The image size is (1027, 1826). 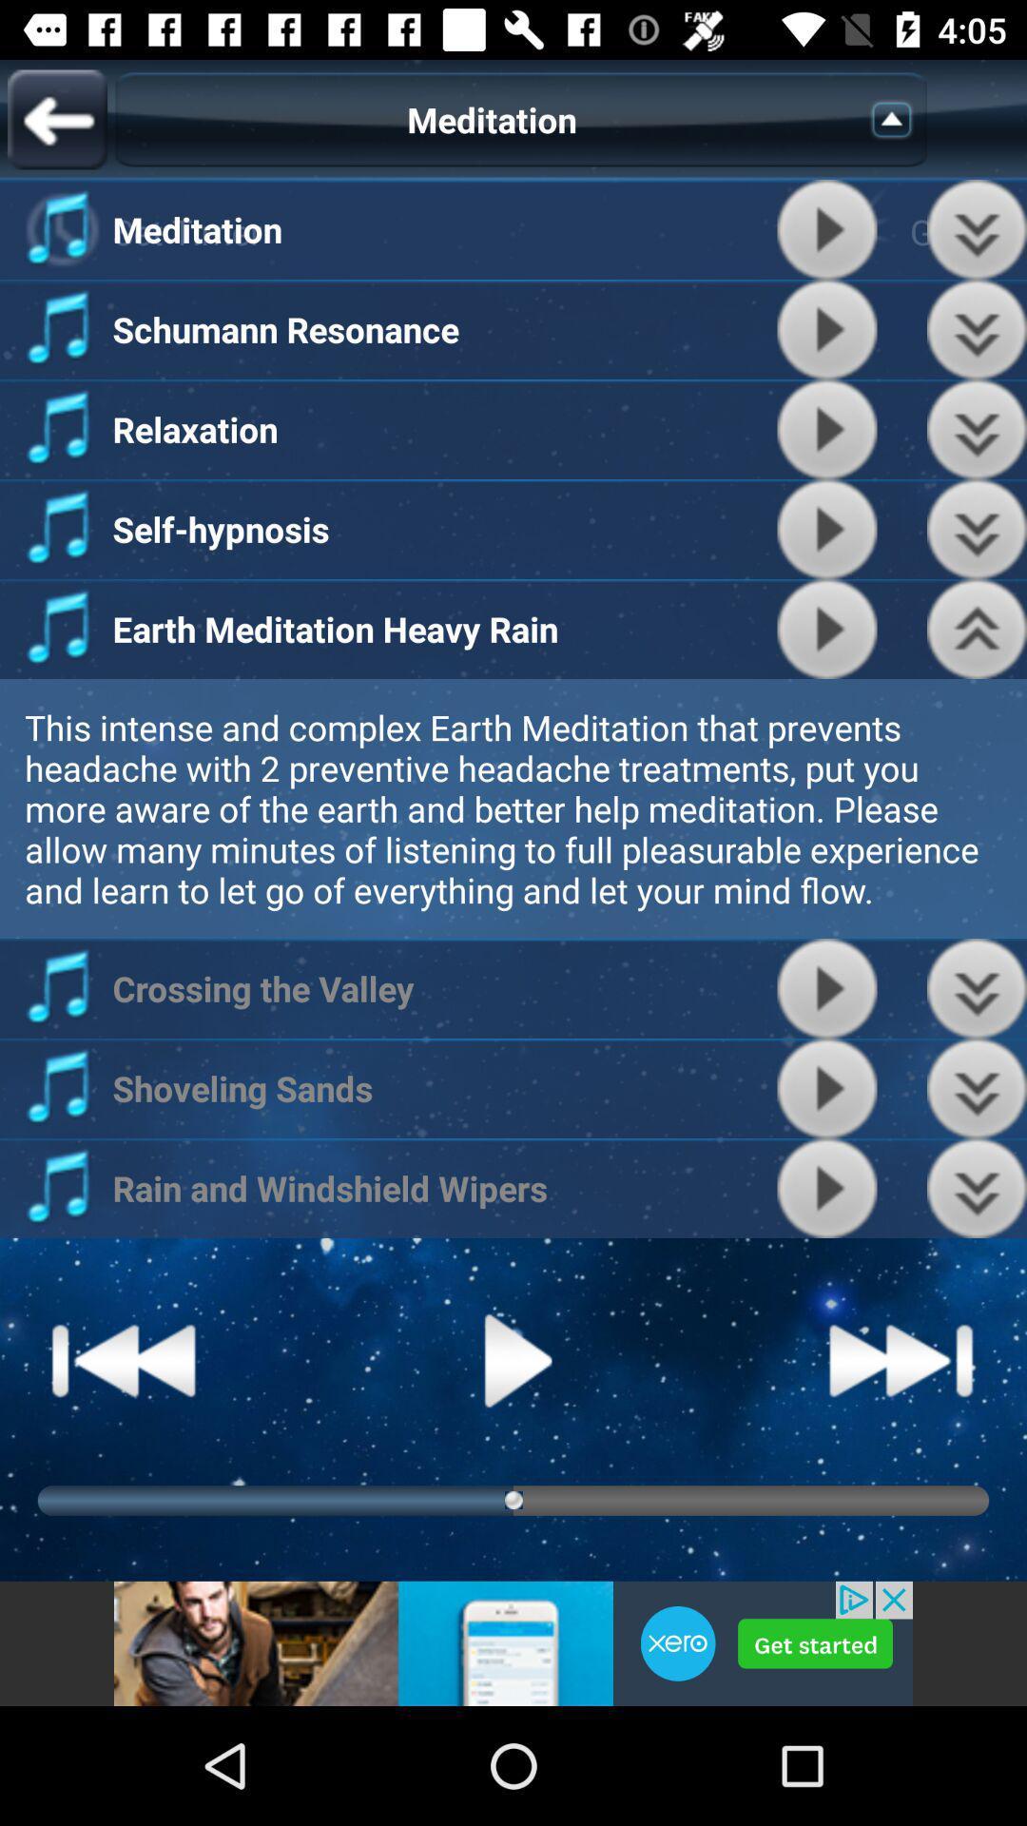 What do you see at coordinates (513, 1642) in the screenshot?
I see `the advertisement` at bounding box center [513, 1642].